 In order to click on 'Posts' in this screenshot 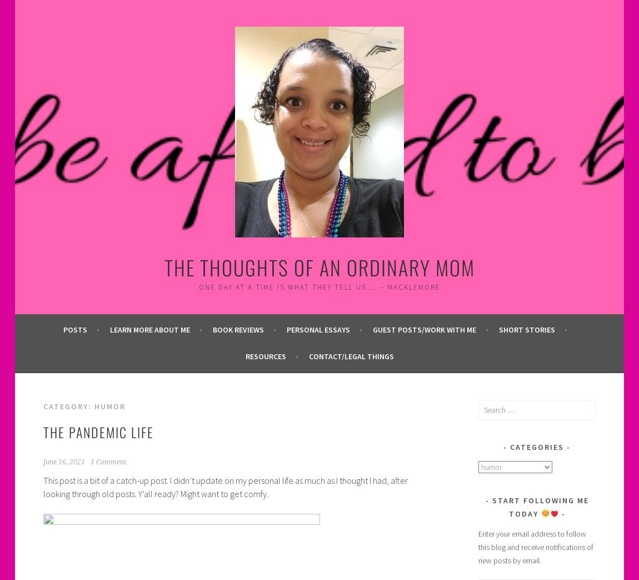, I will do `click(74, 329)`.